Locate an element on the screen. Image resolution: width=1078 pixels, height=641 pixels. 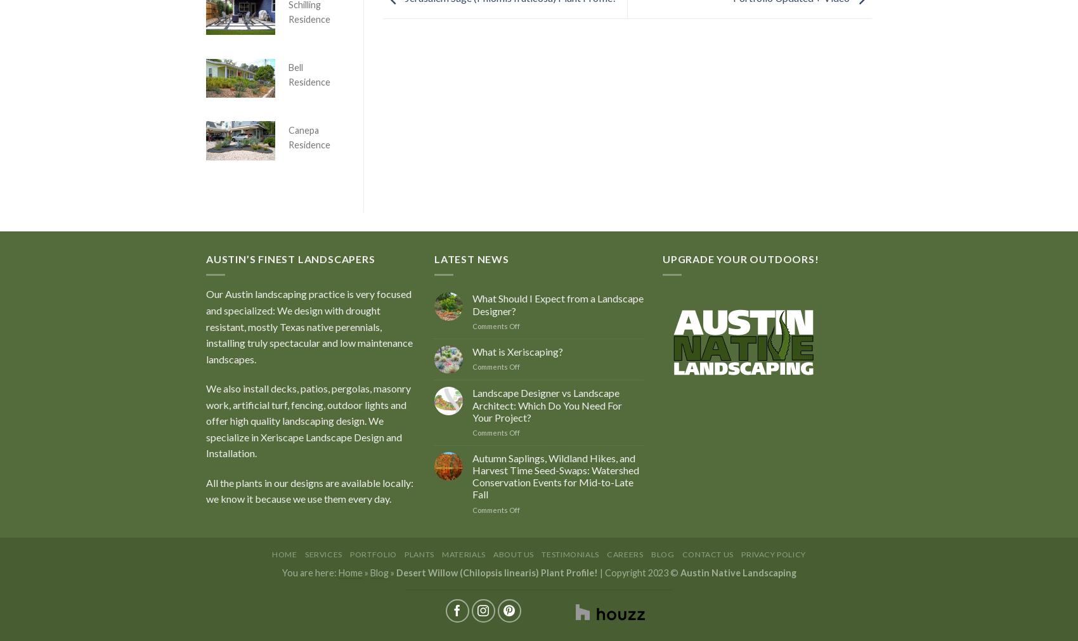
'| Copyright 2023 ©' is located at coordinates (638, 573).